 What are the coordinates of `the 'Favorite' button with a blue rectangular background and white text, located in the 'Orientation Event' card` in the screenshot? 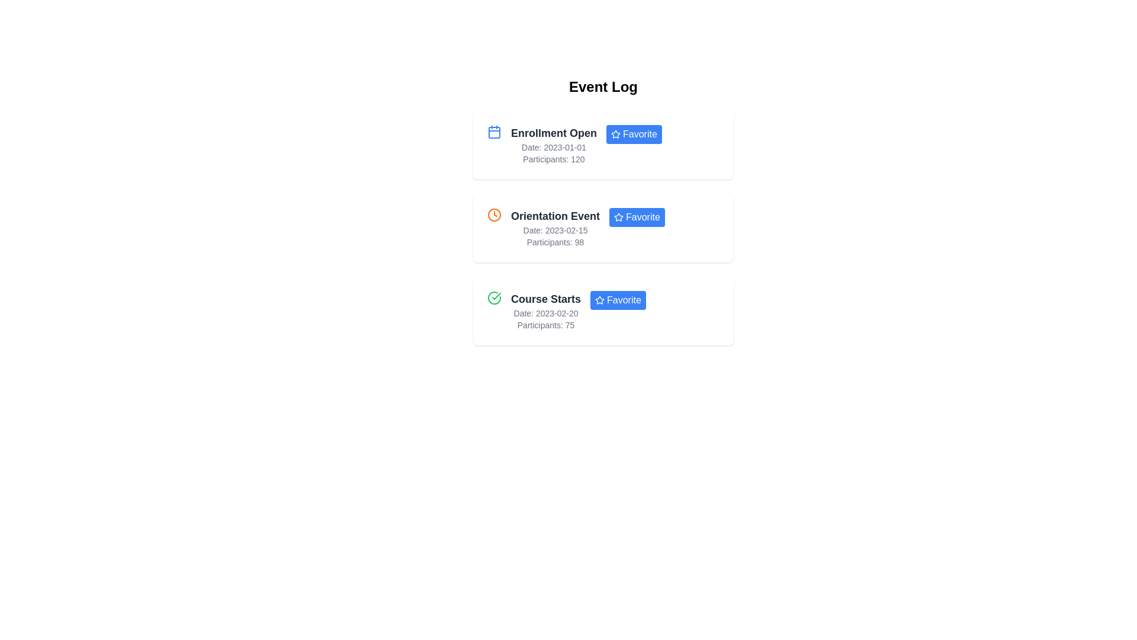 It's located at (636, 217).